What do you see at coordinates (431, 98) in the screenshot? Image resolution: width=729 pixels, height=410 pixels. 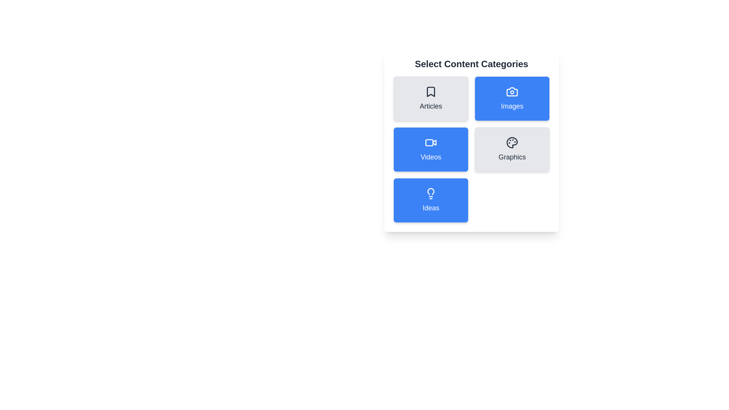 I see `the 'Articles' button to observe the hover effect` at bounding box center [431, 98].